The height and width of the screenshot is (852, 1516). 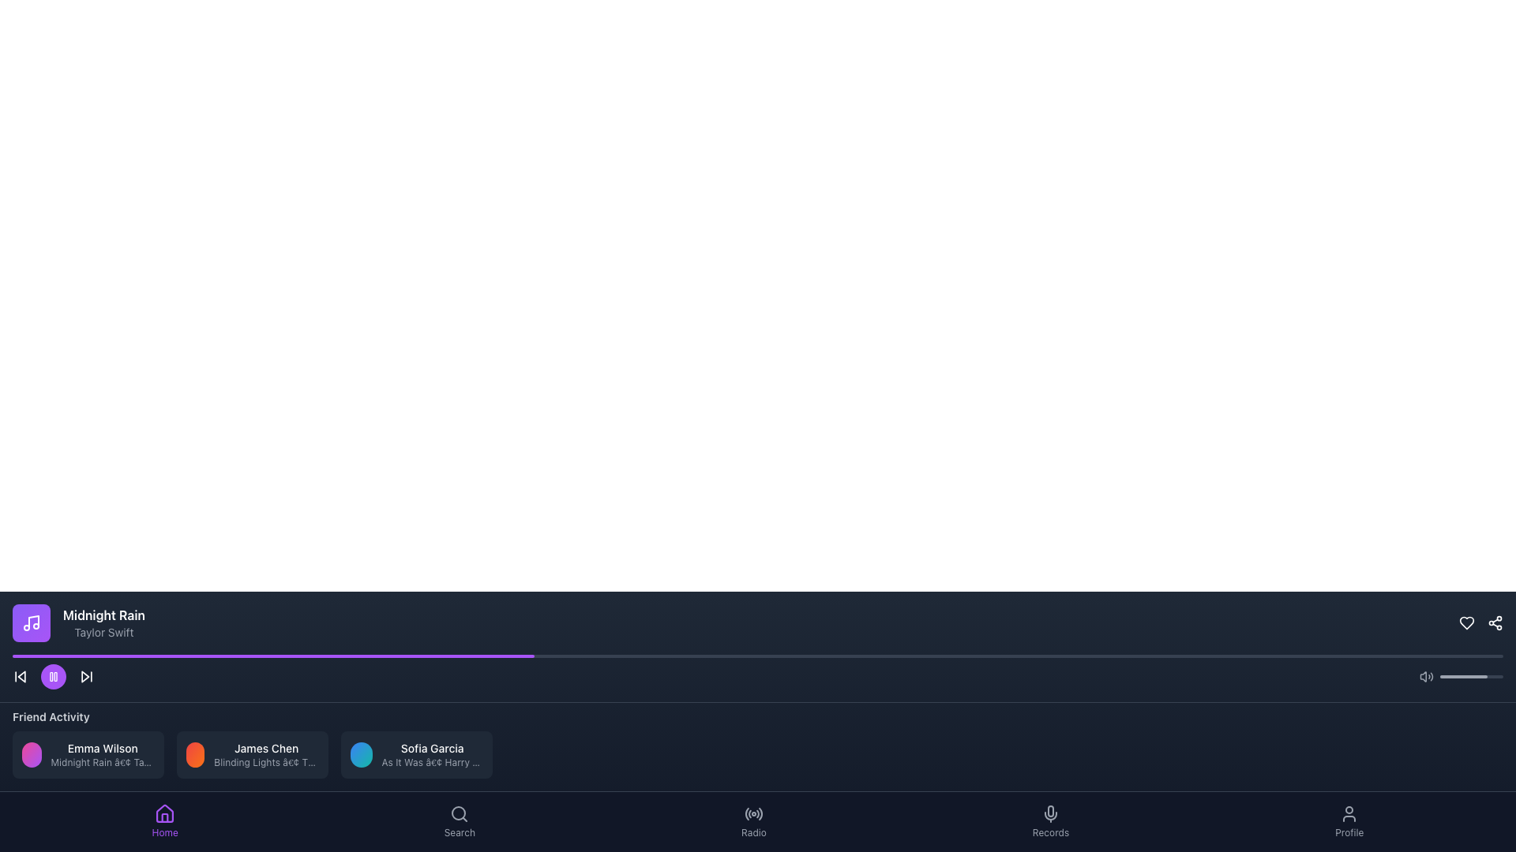 What do you see at coordinates (31, 622) in the screenshot?
I see `the musical note icon with a gradient-filled square background in the upper left section of the navigation bar` at bounding box center [31, 622].